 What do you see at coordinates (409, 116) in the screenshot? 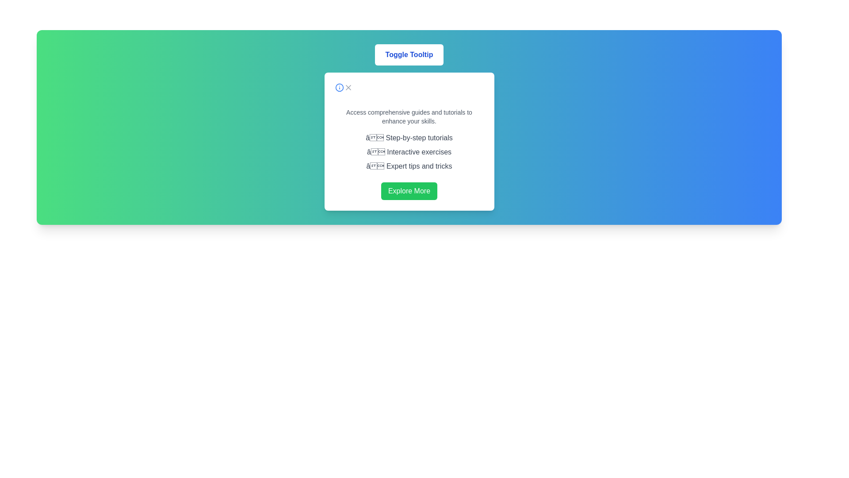
I see `the text element displaying 'Access comprehensive guides and tutorials to enhance your skills.' which is located below the 'Learning Resource' header and above a list of check-marked text items` at bounding box center [409, 116].